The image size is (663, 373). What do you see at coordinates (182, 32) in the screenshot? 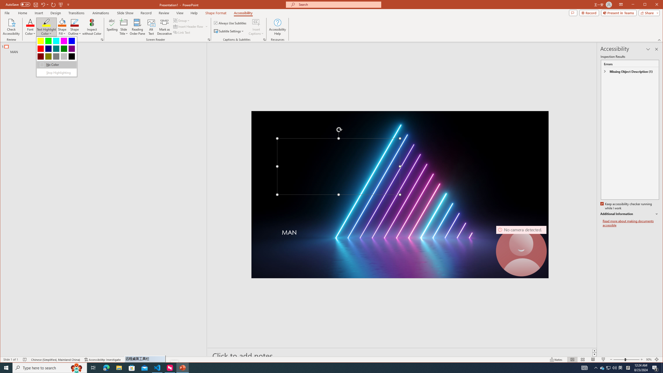
I see `'Link Text'` at bounding box center [182, 32].